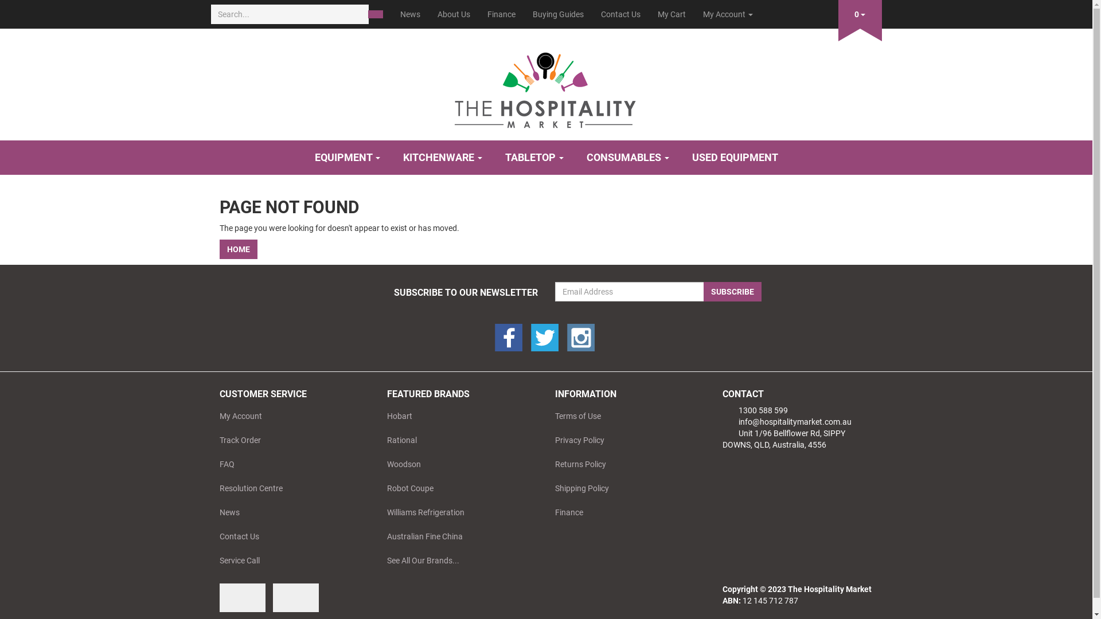 The height and width of the screenshot is (619, 1101). Describe the element at coordinates (378, 488) in the screenshot. I see `'Robot Coupe'` at that location.